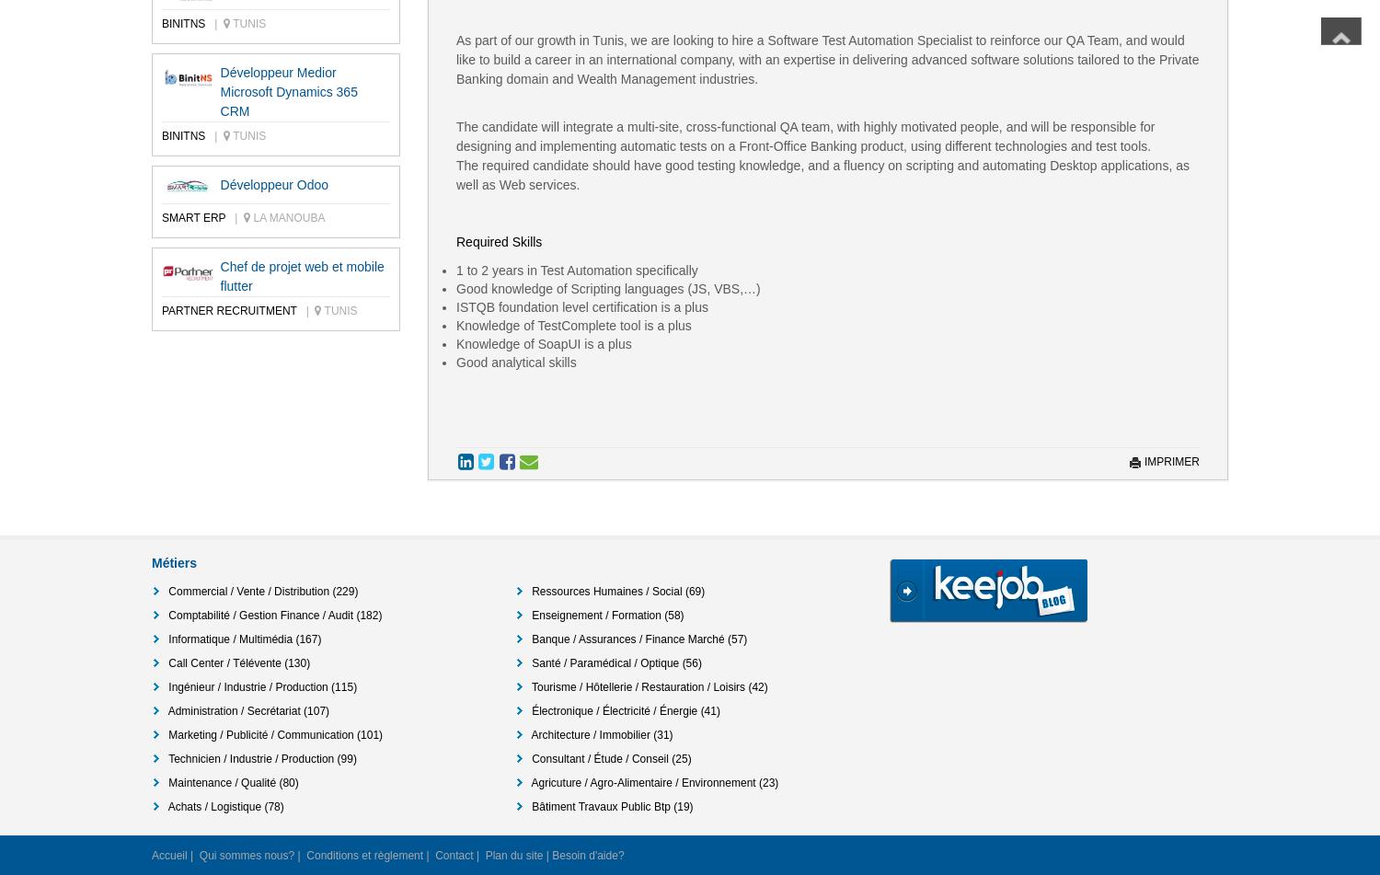 The image size is (1380, 875). What do you see at coordinates (653, 781) in the screenshot?
I see `'Agricuture / Agro-Alimentaire / Environnement (23)'` at bounding box center [653, 781].